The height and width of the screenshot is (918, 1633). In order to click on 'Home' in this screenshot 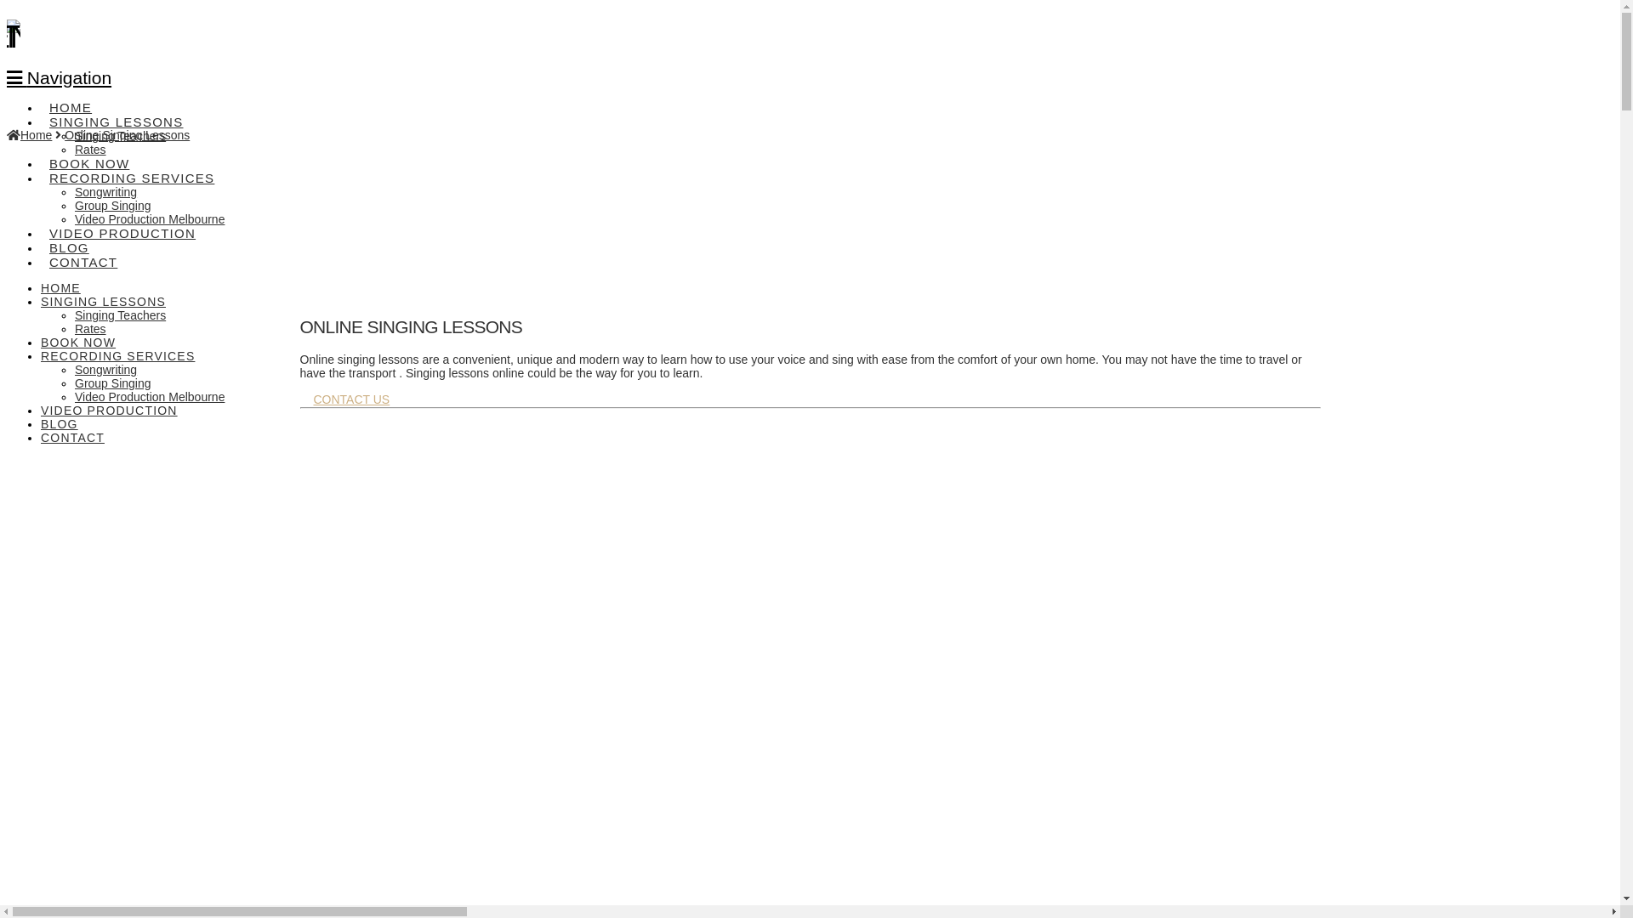, I will do `click(7, 133)`.